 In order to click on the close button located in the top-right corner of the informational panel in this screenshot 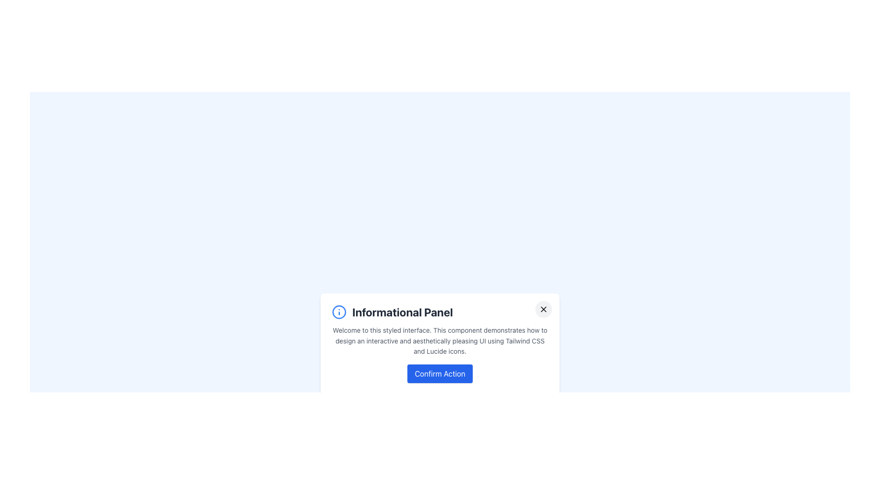, I will do `click(544, 309)`.